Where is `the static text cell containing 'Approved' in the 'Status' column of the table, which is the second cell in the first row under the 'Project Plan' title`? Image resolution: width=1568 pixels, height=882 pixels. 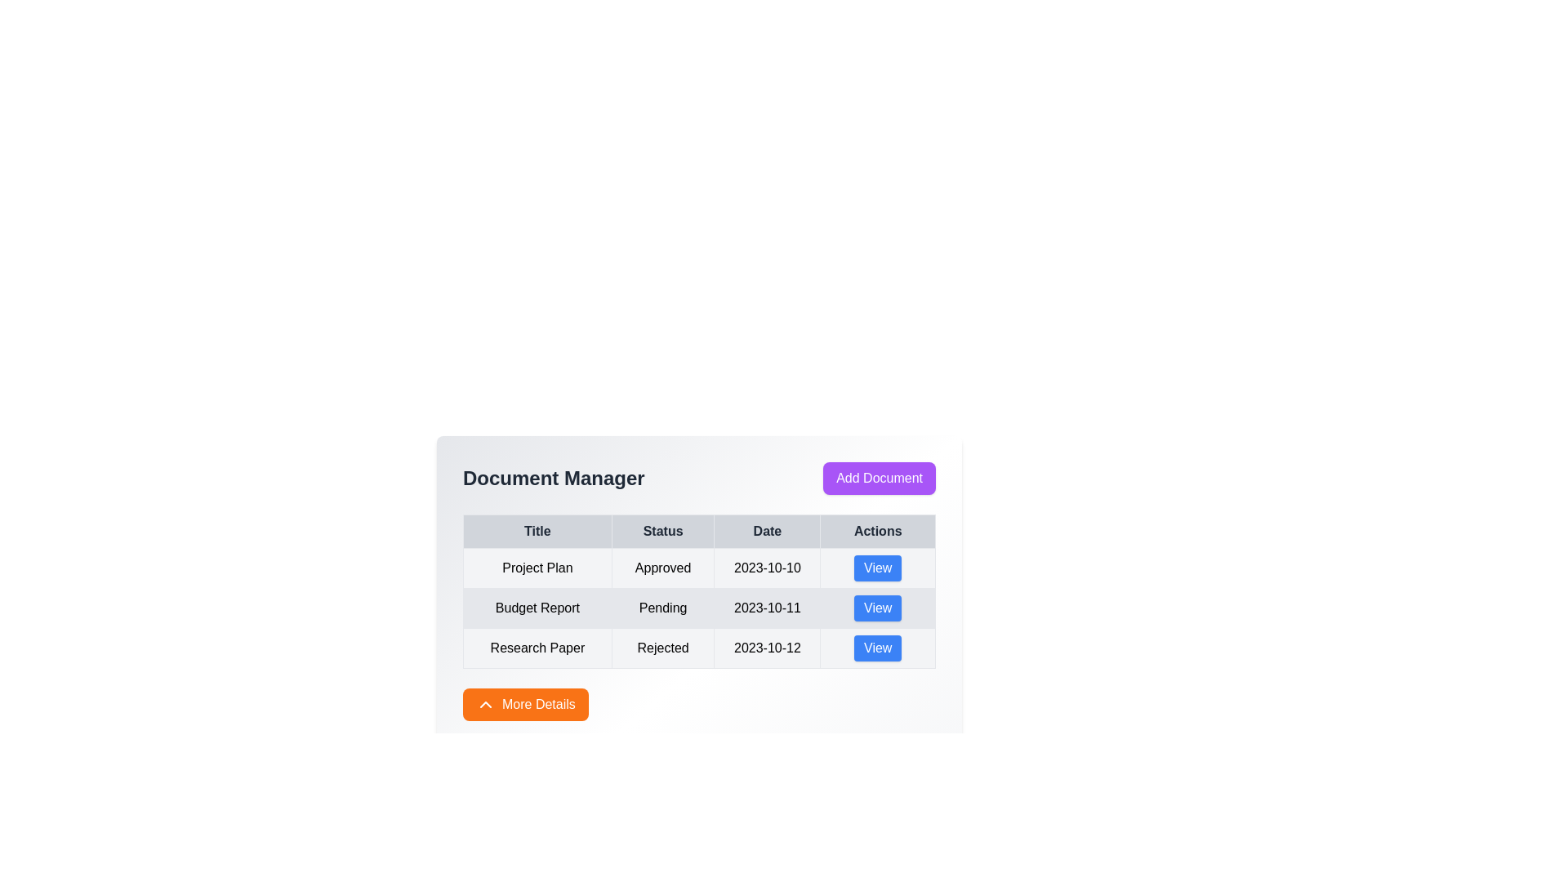
the static text cell containing 'Approved' in the 'Status' column of the table, which is the second cell in the first row under the 'Project Plan' title is located at coordinates (663, 567).